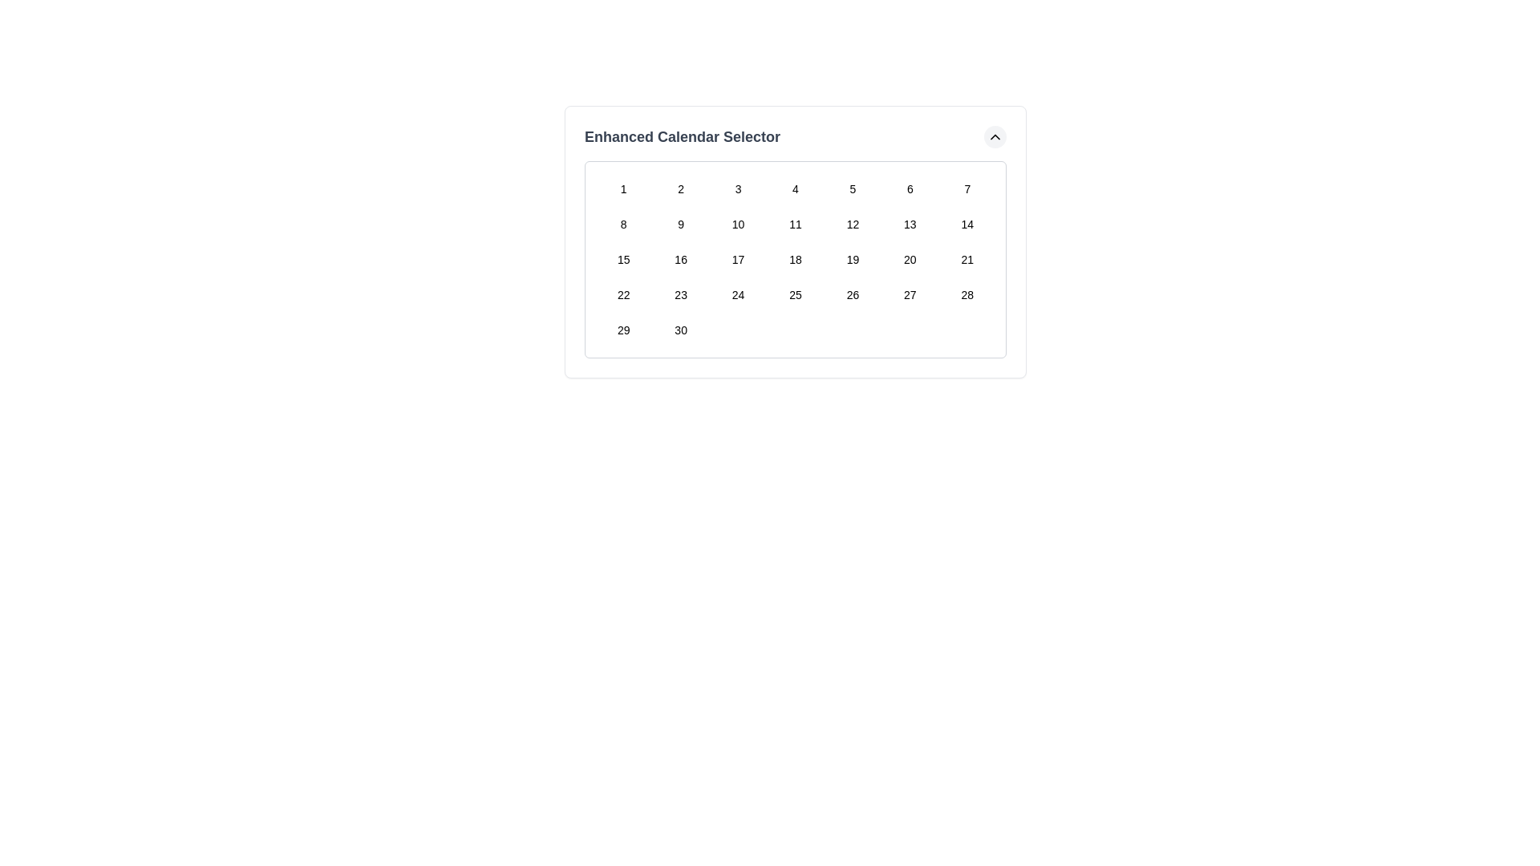  What do you see at coordinates (737, 259) in the screenshot?
I see `the interactive button located in the third row and third column of the 'Enhanced Calendar Selector'` at bounding box center [737, 259].